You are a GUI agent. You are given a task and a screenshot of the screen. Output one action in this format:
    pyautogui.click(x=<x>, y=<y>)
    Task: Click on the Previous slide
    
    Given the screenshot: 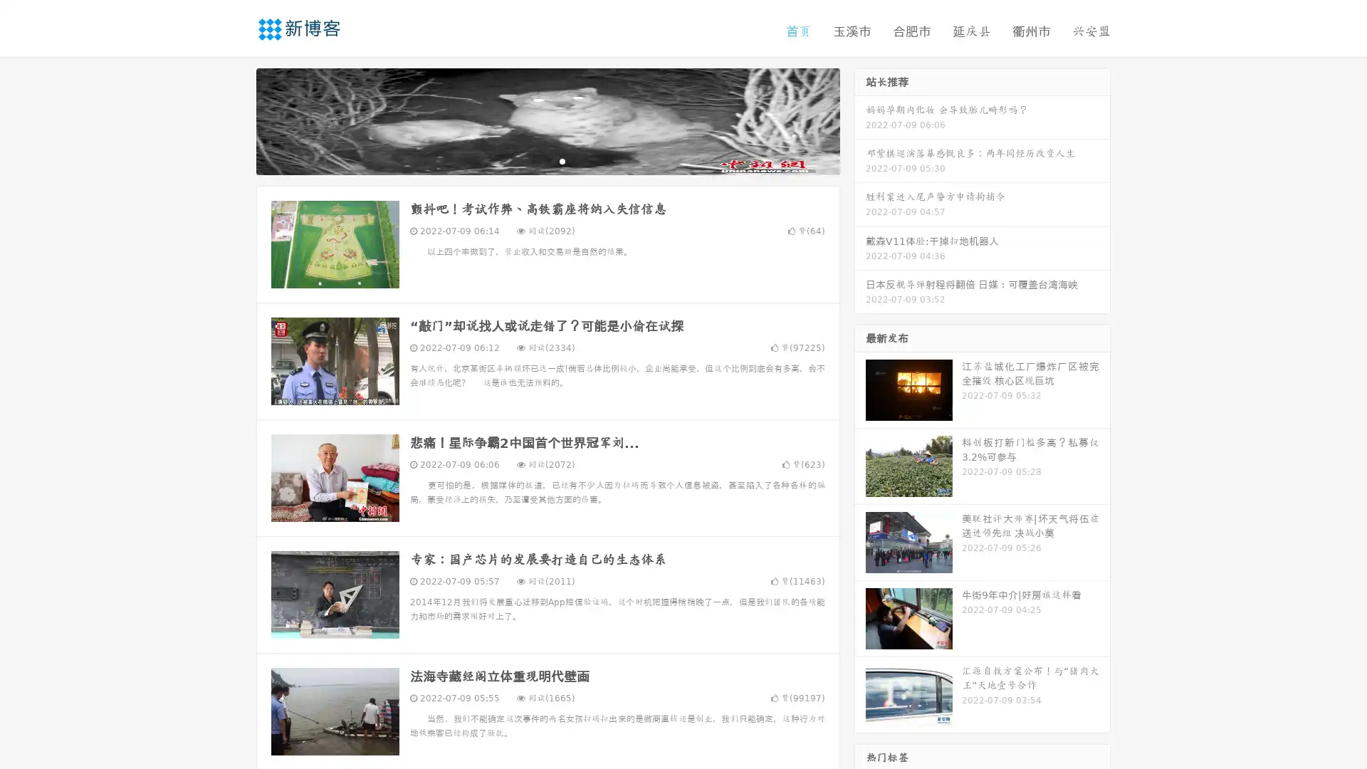 What is the action you would take?
    pyautogui.click(x=235, y=120)
    